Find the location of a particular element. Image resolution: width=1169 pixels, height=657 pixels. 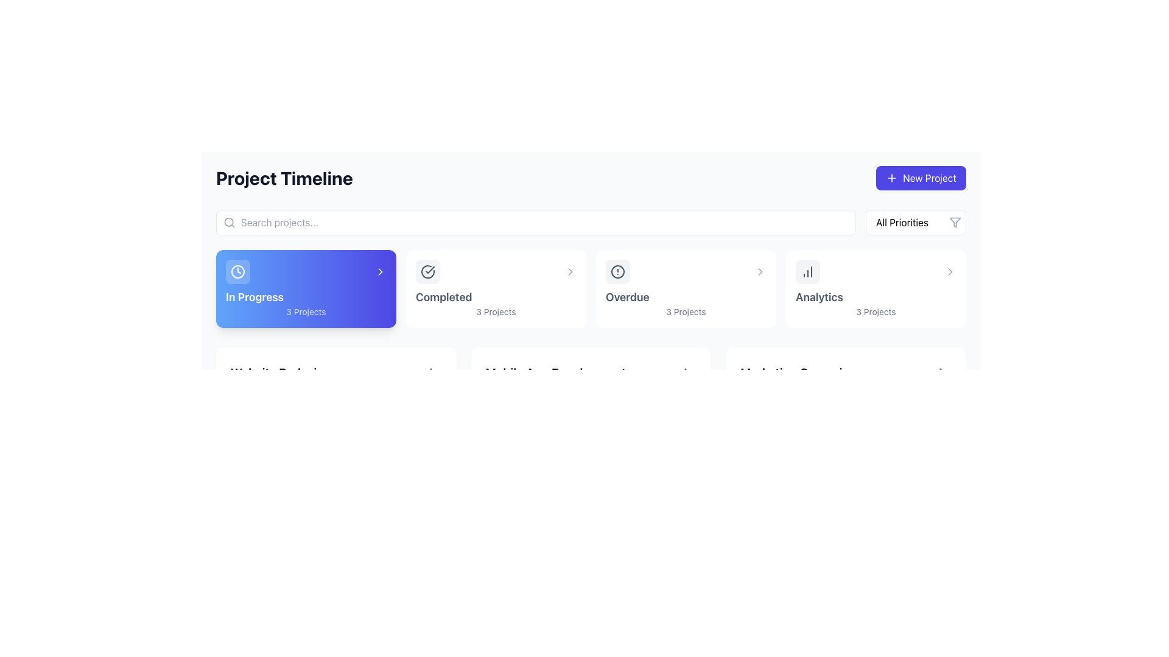

the text label that displays the number of overdue projects located at the bottom of the 'Overdue' card, centrally aligned within the card is located at coordinates (686, 311).